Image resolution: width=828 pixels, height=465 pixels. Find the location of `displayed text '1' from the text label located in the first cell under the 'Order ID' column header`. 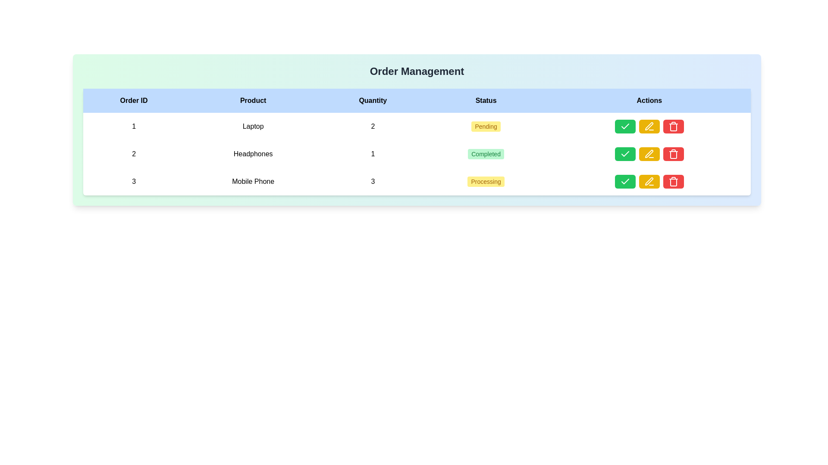

displayed text '1' from the text label located in the first cell under the 'Order ID' column header is located at coordinates (133, 126).